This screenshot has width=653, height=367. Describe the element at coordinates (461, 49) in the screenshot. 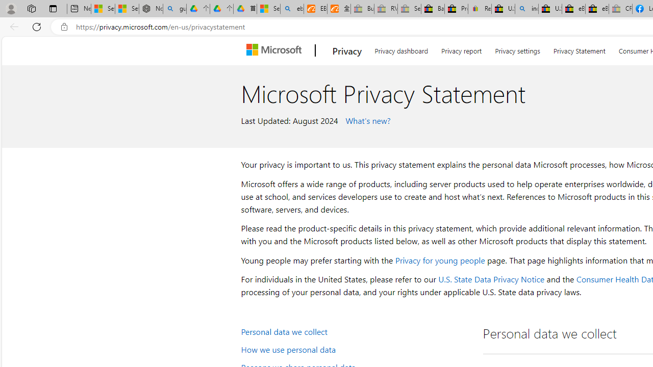

I see `'Privacy report'` at that location.